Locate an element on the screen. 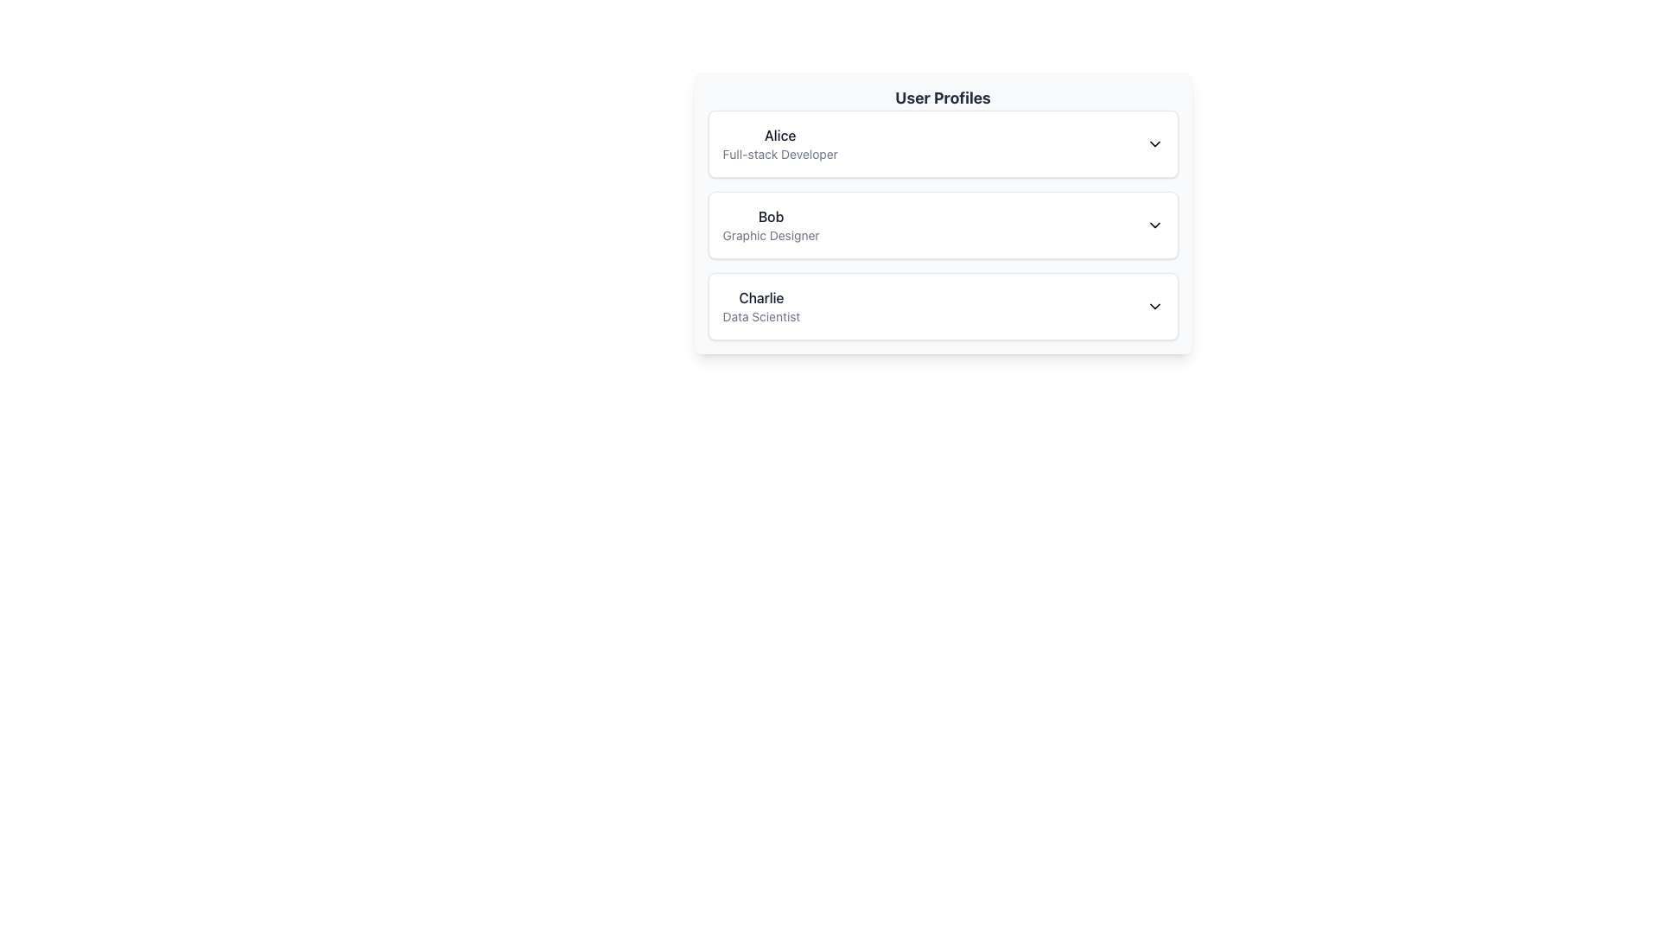  the Profile card displaying 'Bob', which is the second card in the 'User Profiles' list is located at coordinates (942, 225).